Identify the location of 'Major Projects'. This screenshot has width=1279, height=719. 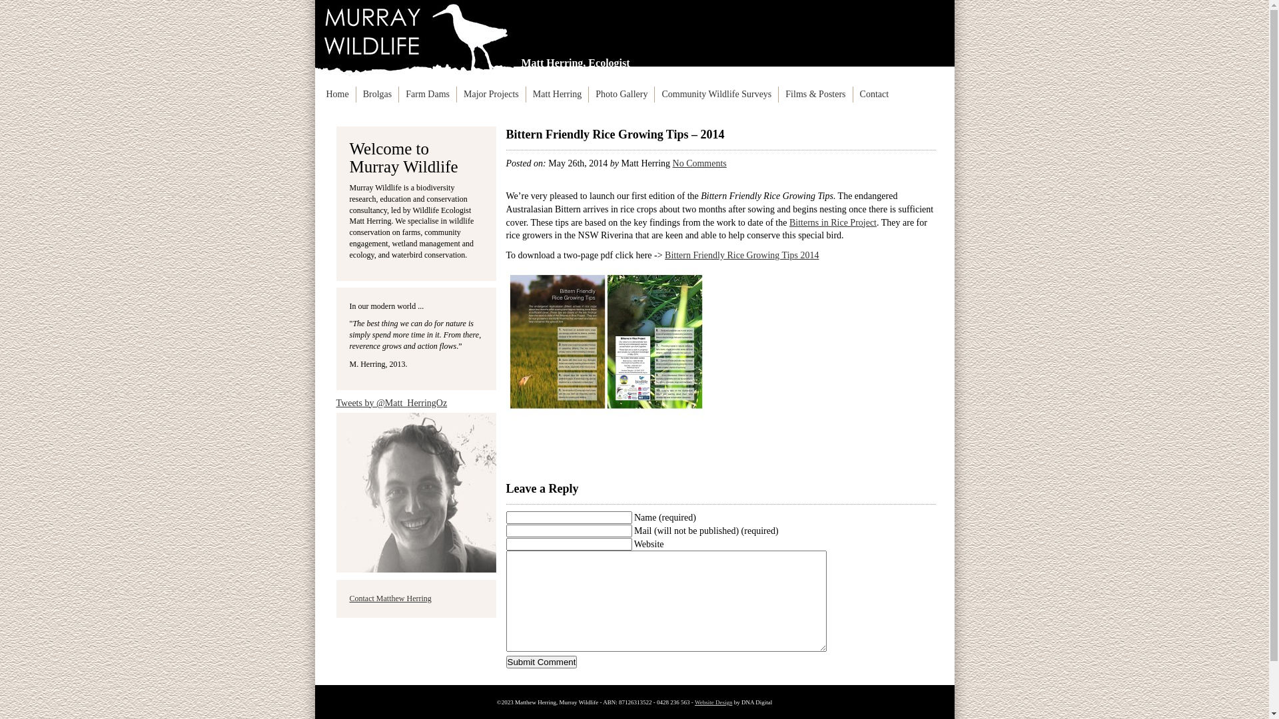
(490, 94).